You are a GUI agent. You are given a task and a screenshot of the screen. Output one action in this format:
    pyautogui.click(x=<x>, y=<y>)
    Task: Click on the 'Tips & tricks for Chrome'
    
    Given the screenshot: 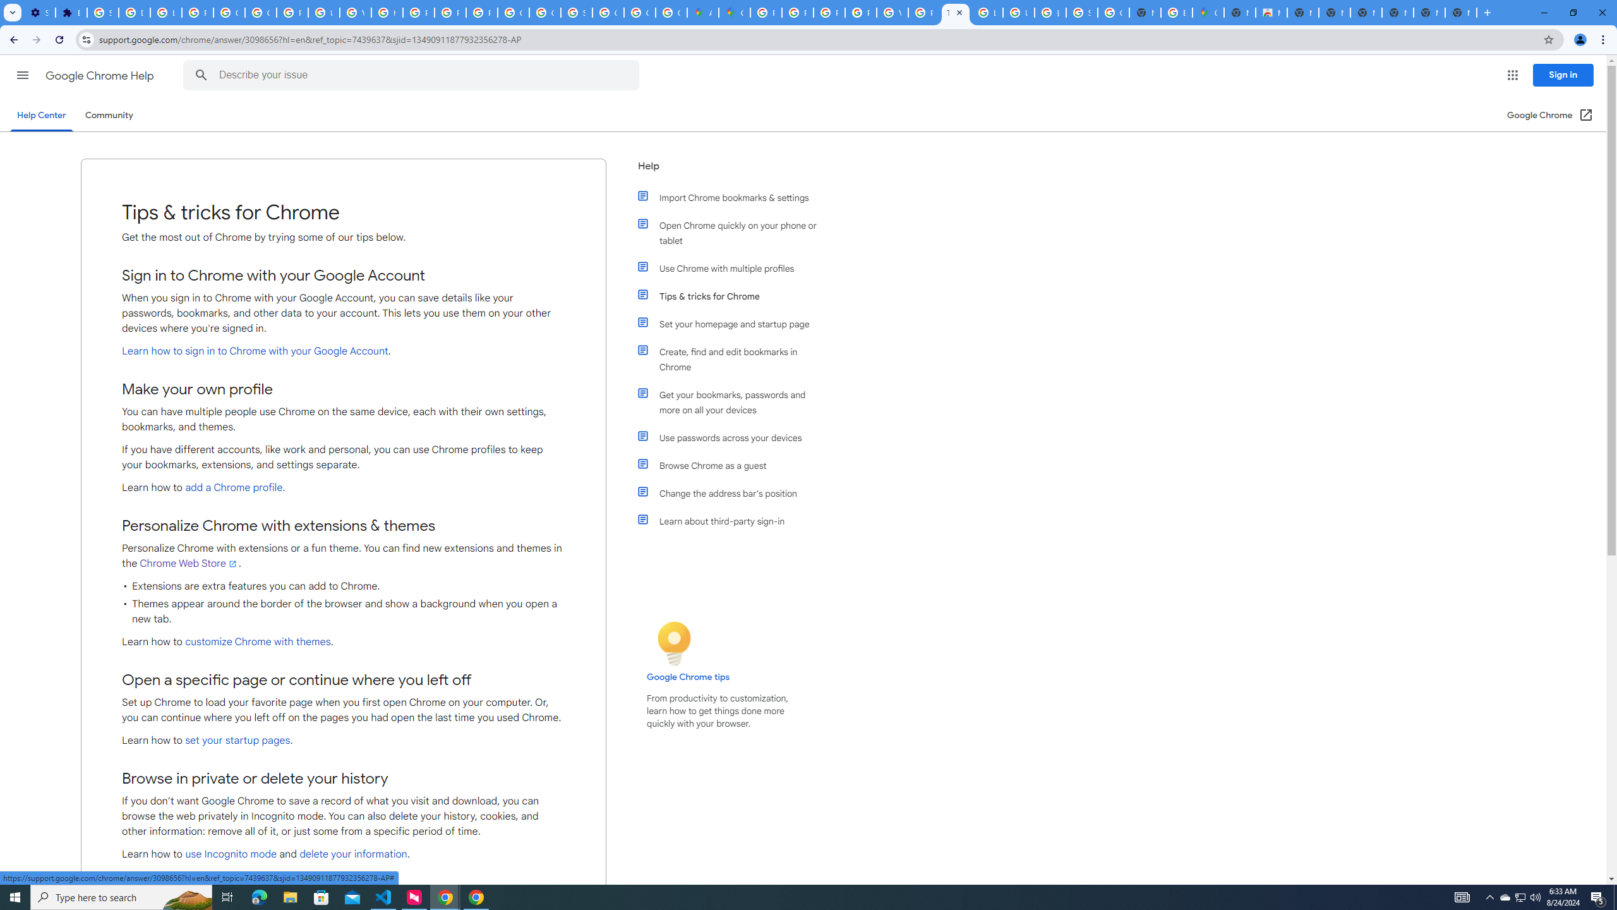 What is the action you would take?
    pyautogui.click(x=734, y=295)
    